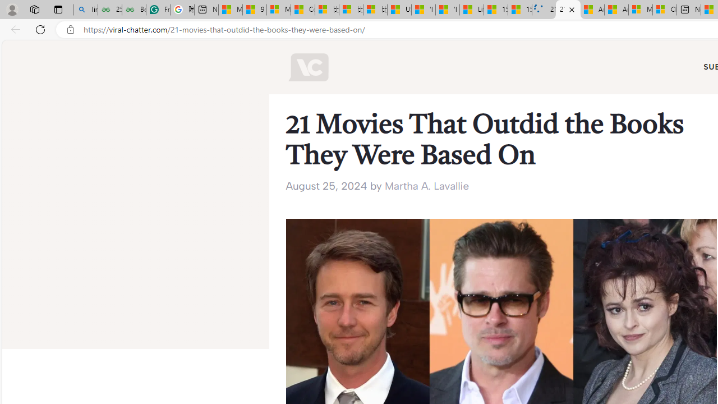 The image size is (718, 404). What do you see at coordinates (399, 10) in the screenshot?
I see `'USA TODAY - MSN'` at bounding box center [399, 10].